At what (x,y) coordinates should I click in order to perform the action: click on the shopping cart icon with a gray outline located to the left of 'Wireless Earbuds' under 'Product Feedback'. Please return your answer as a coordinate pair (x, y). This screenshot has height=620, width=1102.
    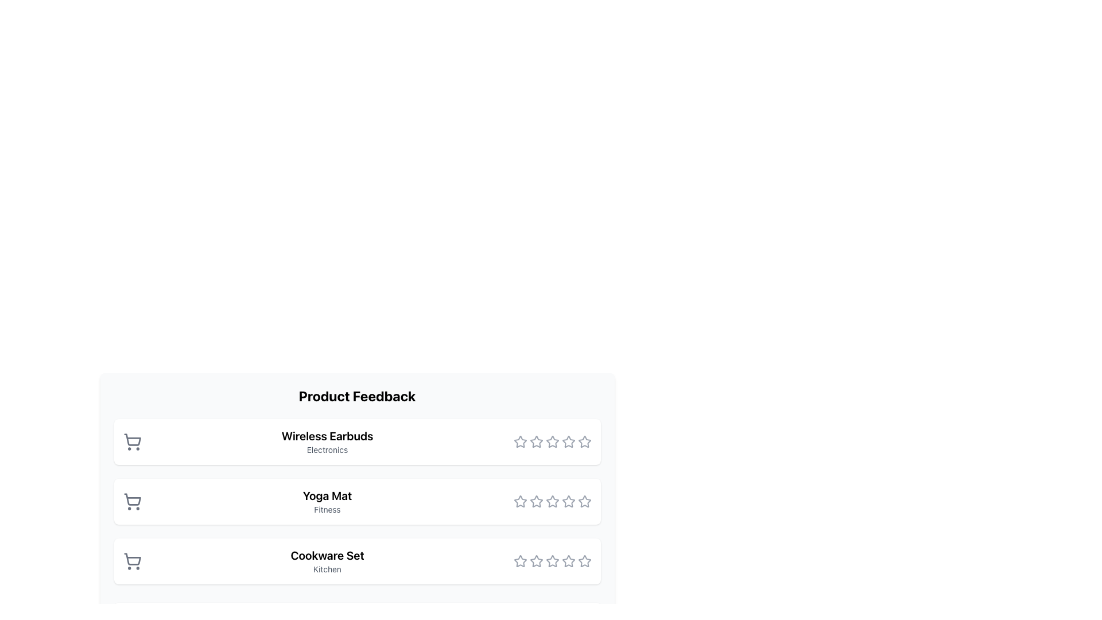
    Looking at the image, I should click on (132, 441).